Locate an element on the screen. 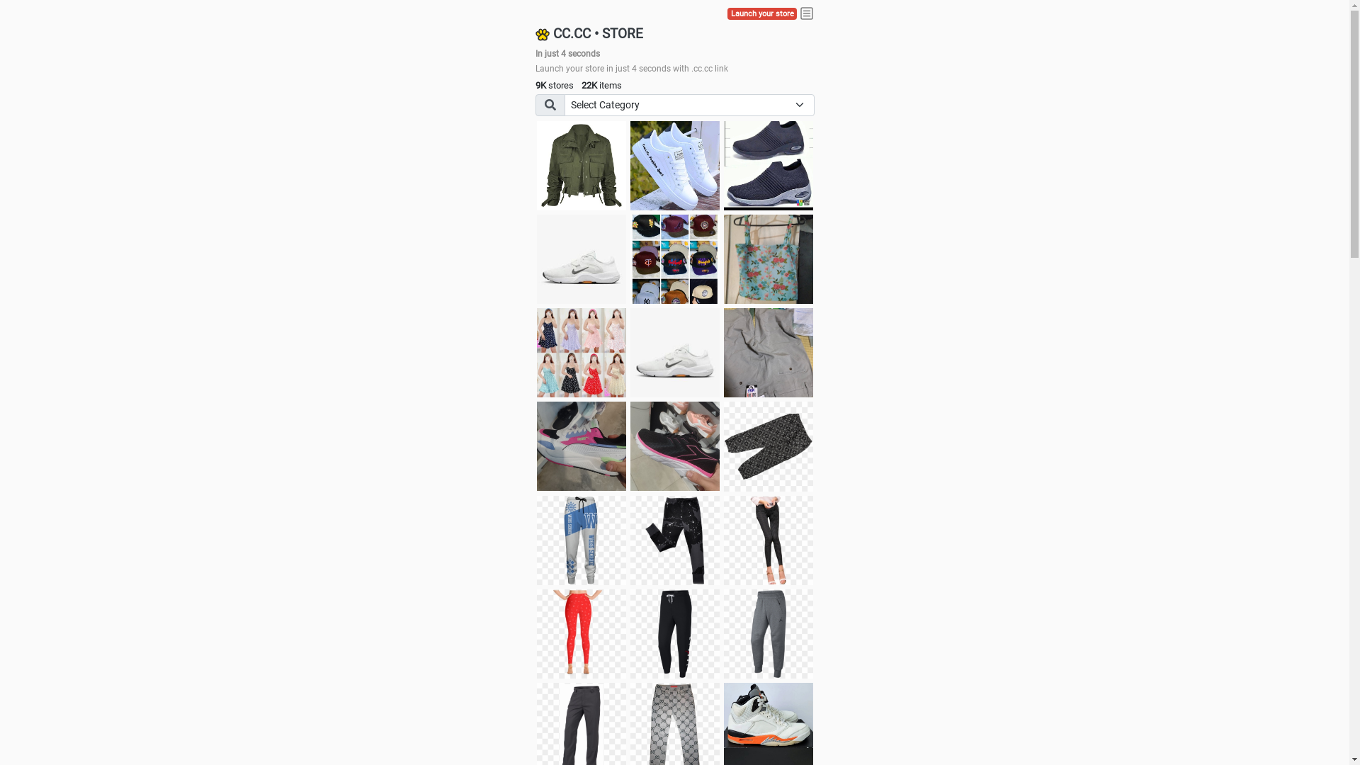 This screenshot has width=1360, height=765. 'Pant' is located at coordinates (536, 540).